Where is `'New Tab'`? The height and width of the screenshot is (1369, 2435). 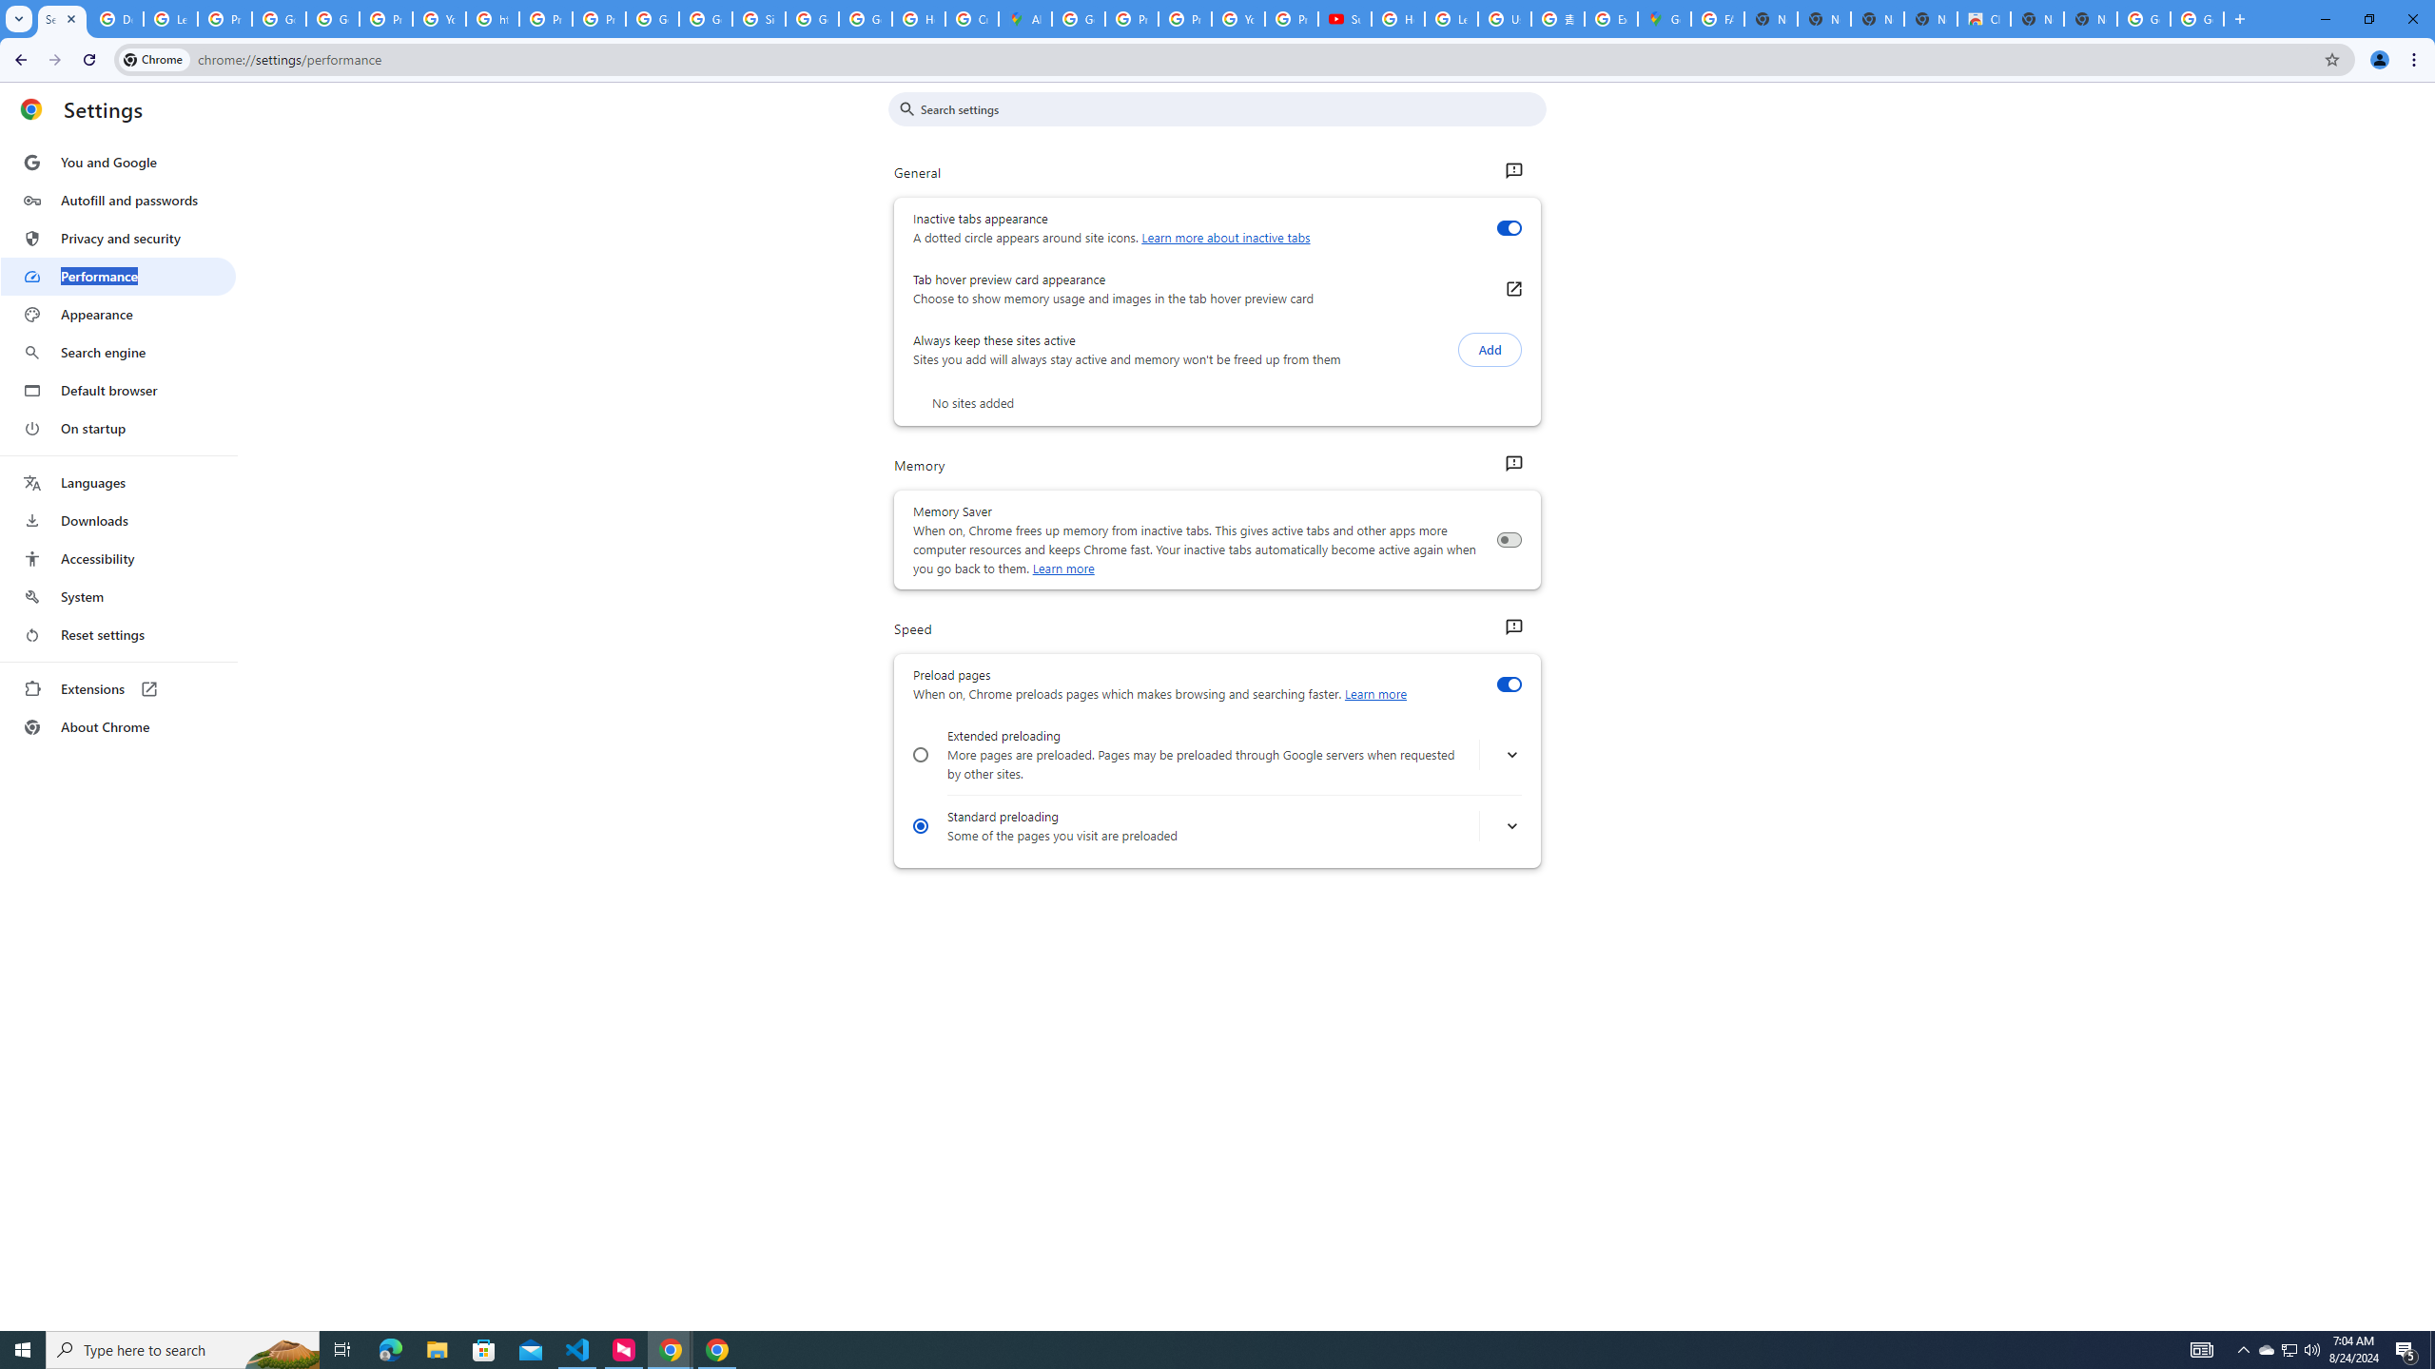 'New Tab' is located at coordinates (2090, 18).